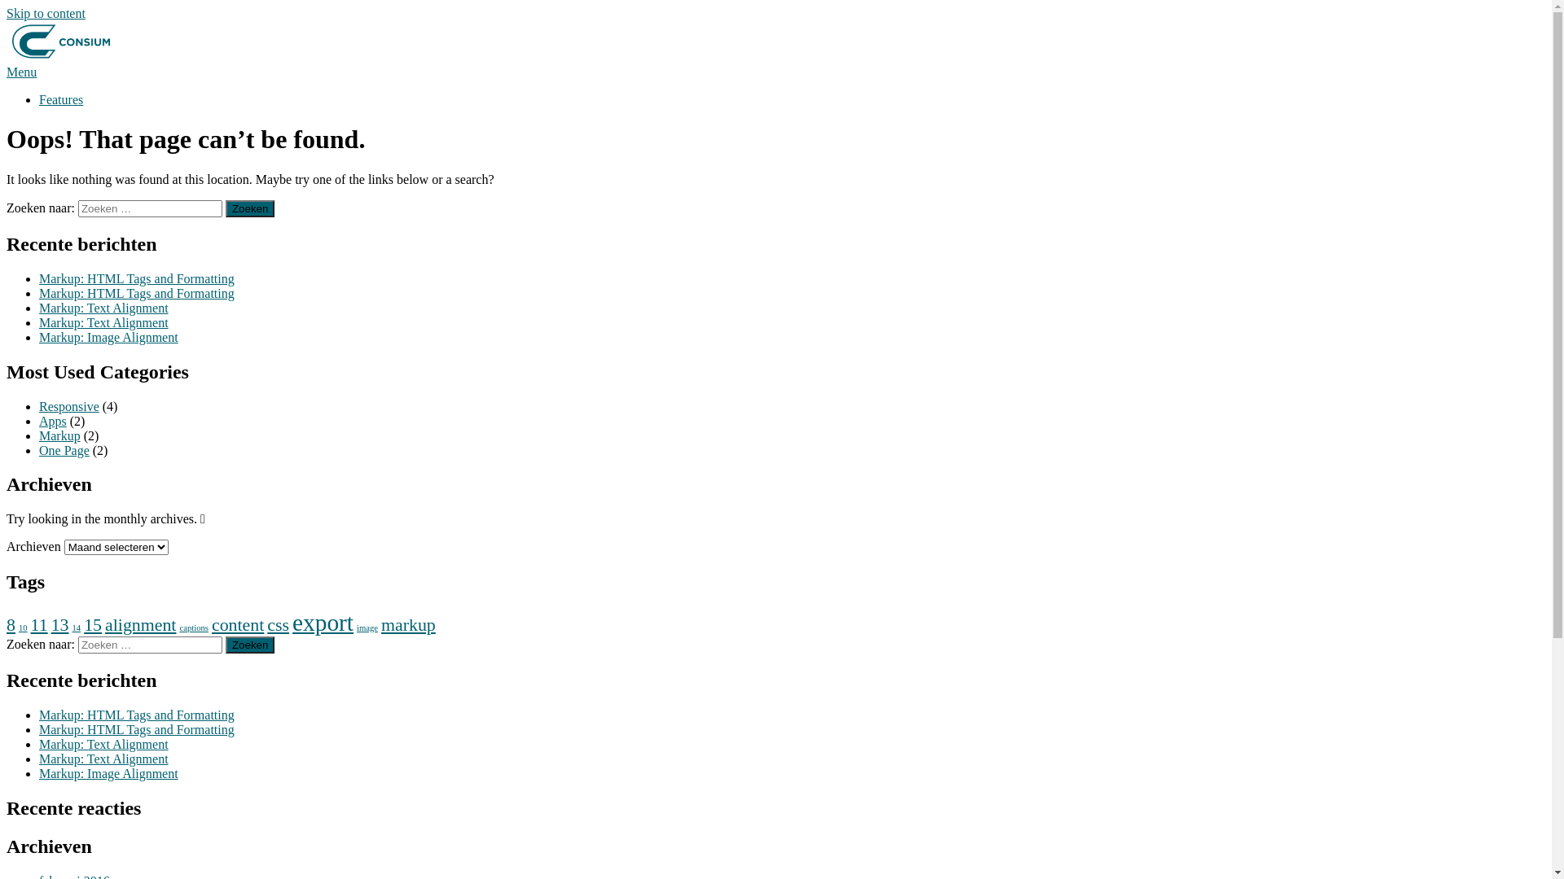  What do you see at coordinates (103, 744) in the screenshot?
I see `'Markup: Text Alignment'` at bounding box center [103, 744].